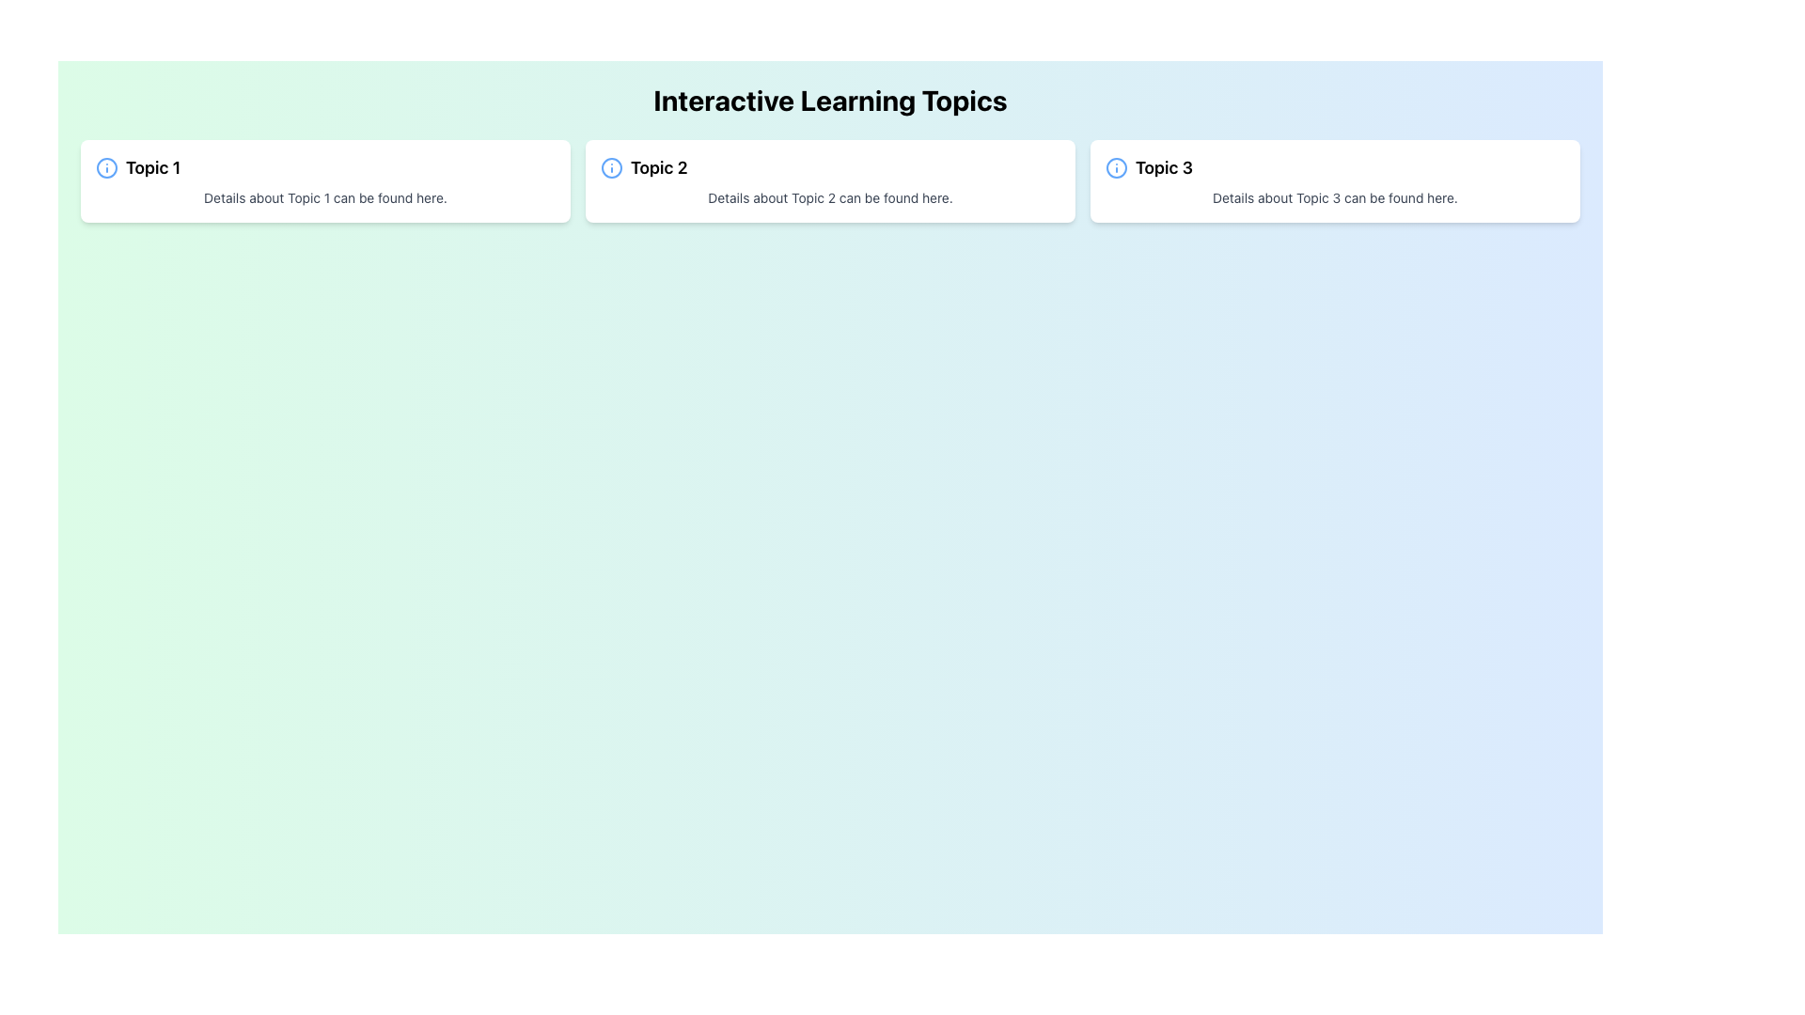 Image resolution: width=1805 pixels, height=1015 pixels. Describe the element at coordinates (106, 166) in the screenshot. I see `the circular blue-bordered icon with a vertical bar and dot located to the left of the text 'Topic 1' in the first card` at that location.